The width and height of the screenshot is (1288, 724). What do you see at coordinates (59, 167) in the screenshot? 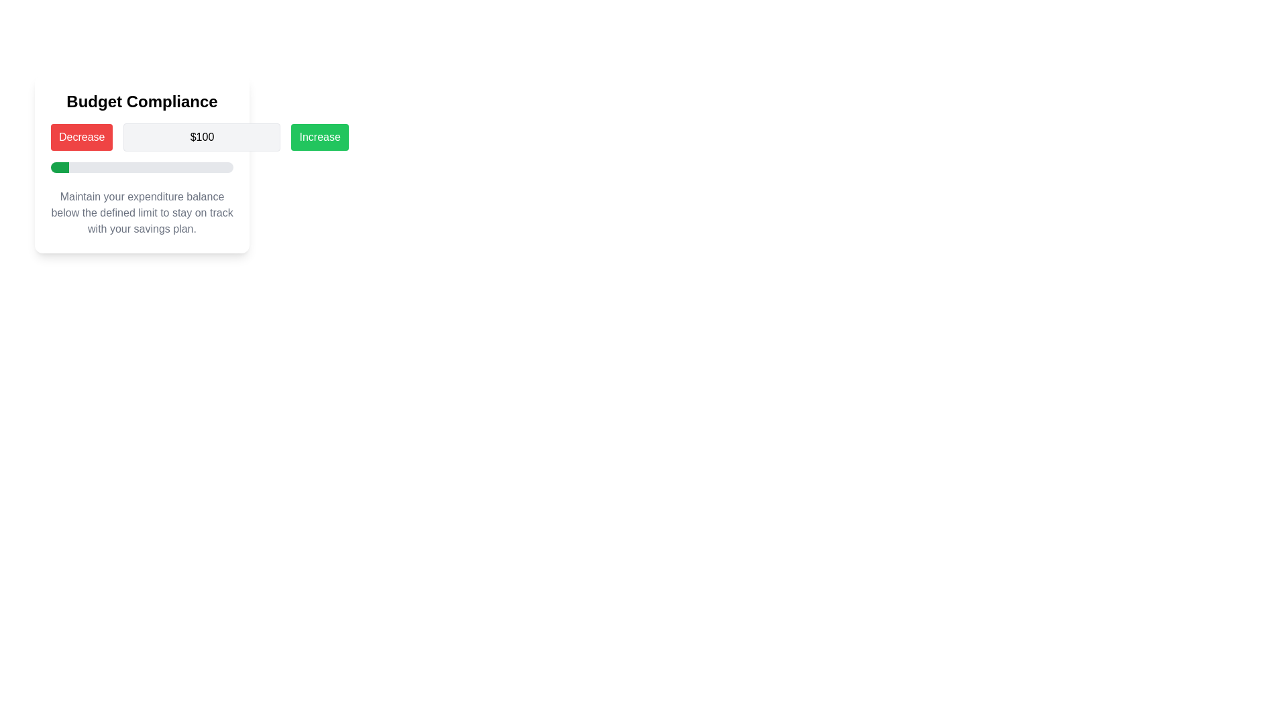
I see `the Progress Indicator that visually represents 10% progress within the progress bar located below the '$100' text box and between the 'Decrease' and 'Increase' buttons` at bounding box center [59, 167].